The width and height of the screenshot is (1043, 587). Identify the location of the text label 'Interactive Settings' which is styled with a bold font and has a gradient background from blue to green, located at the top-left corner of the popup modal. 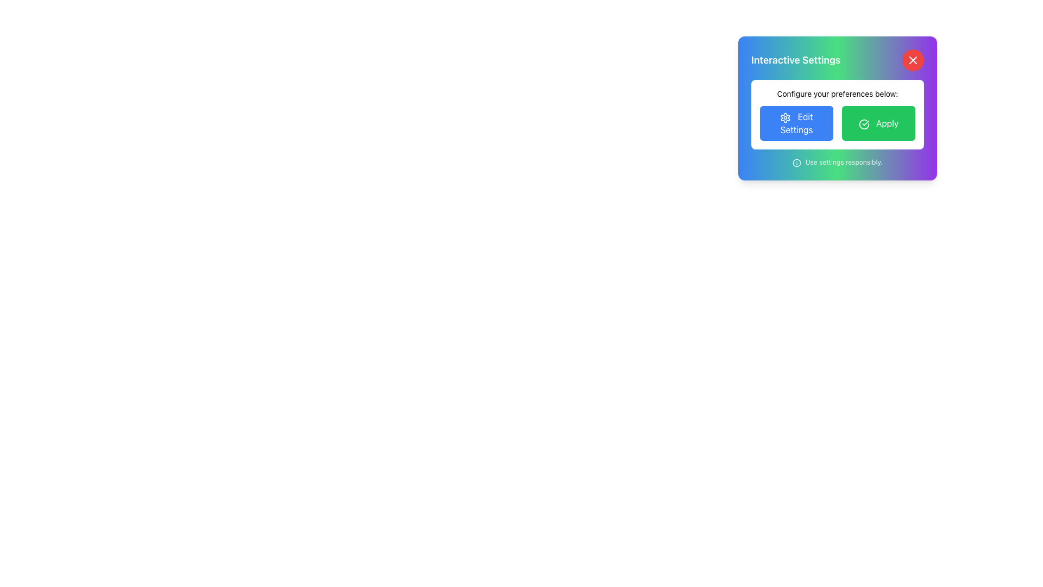
(796, 60).